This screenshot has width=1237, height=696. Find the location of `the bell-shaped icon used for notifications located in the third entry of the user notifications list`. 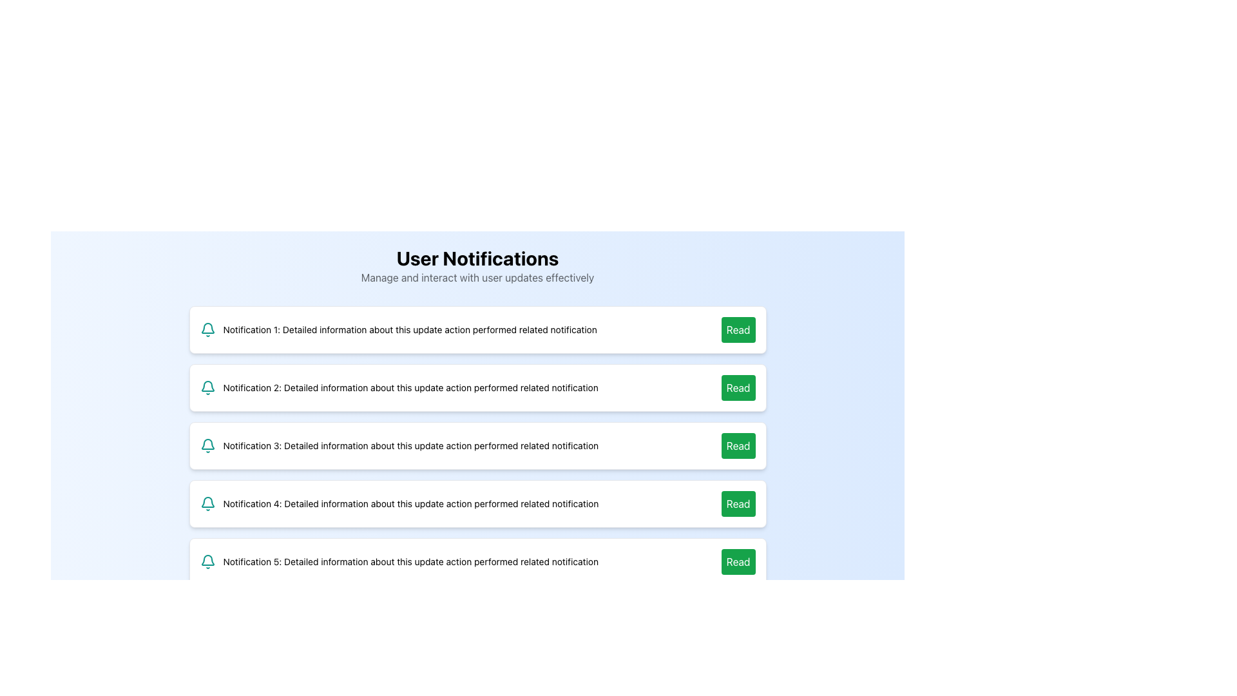

the bell-shaped icon used for notifications located in the third entry of the user notifications list is located at coordinates (207, 443).